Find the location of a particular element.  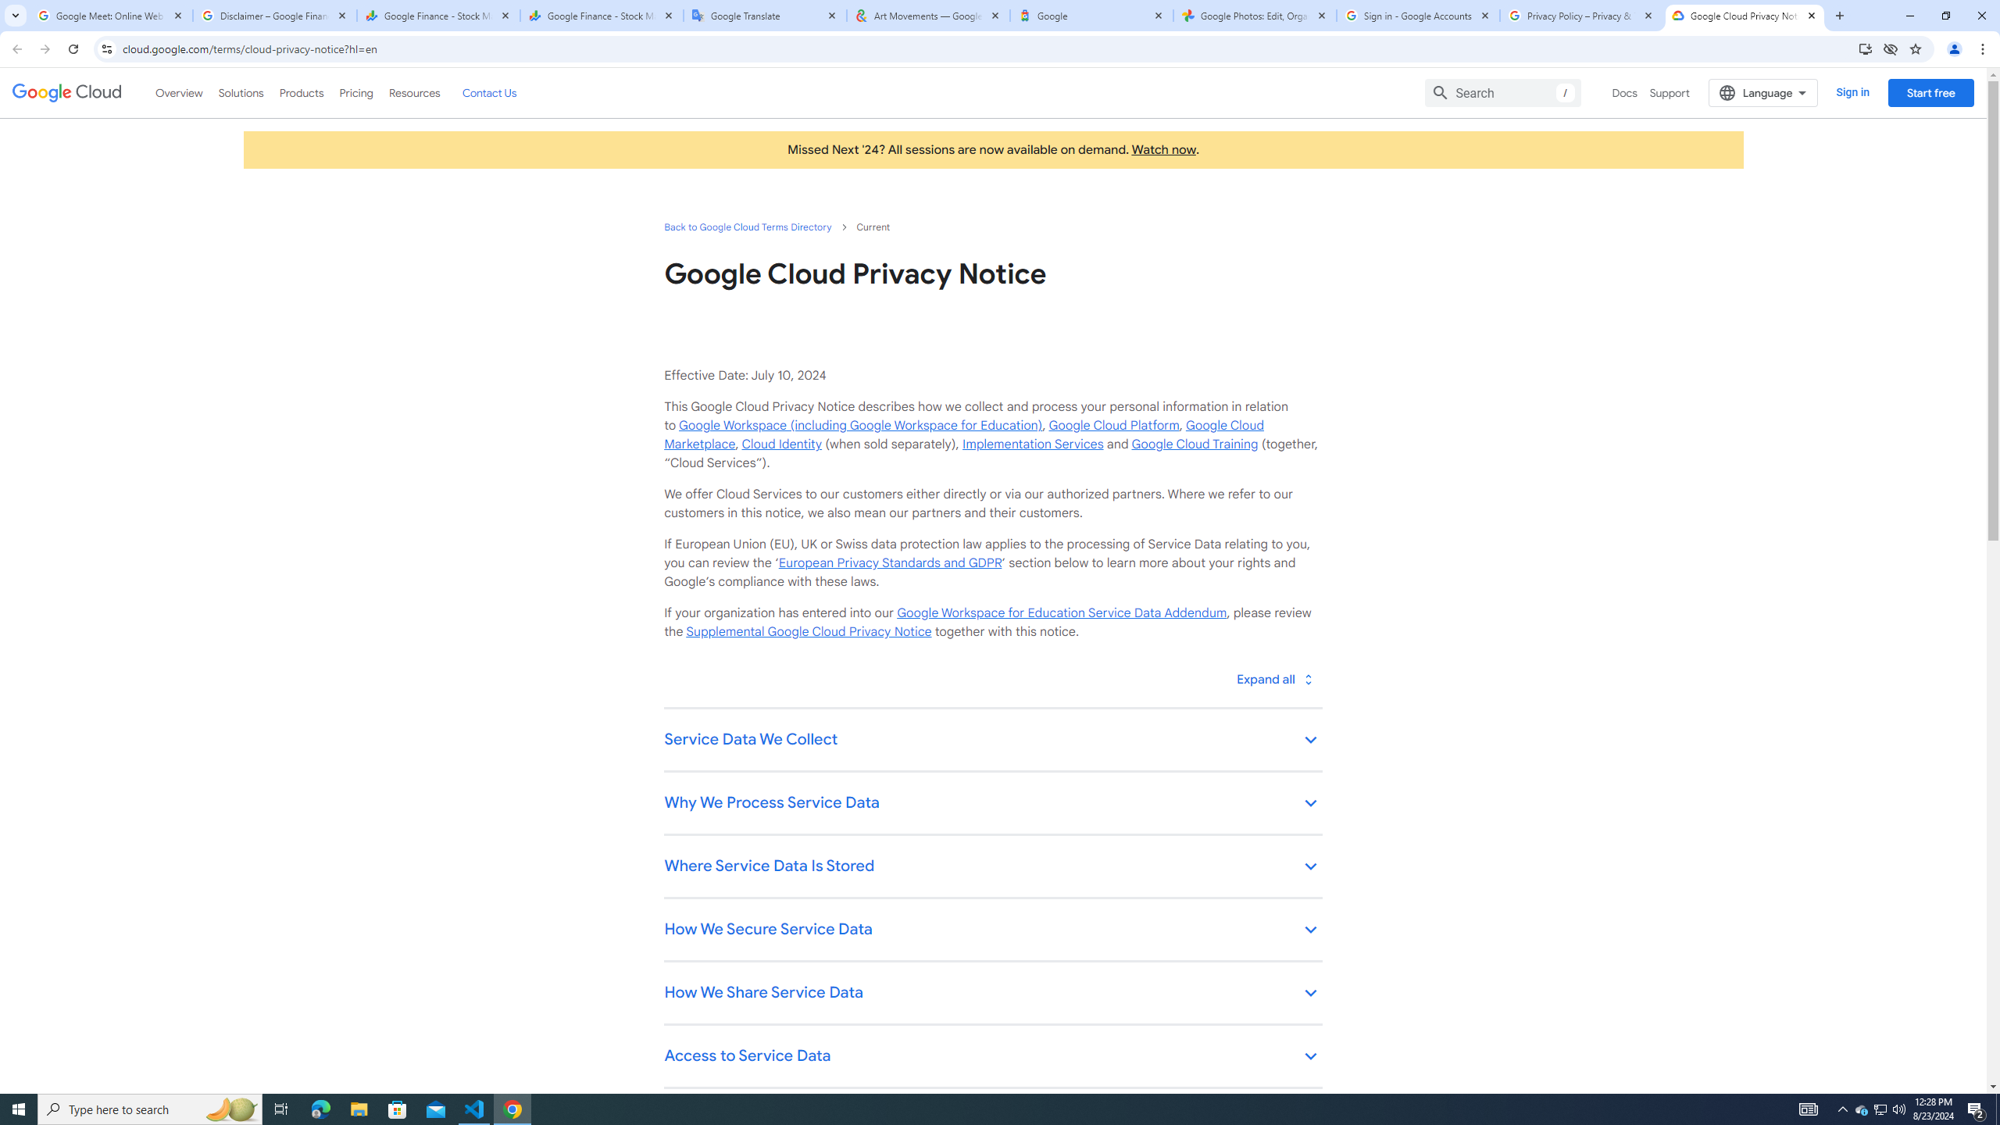

'Watch now' is located at coordinates (1162, 149).